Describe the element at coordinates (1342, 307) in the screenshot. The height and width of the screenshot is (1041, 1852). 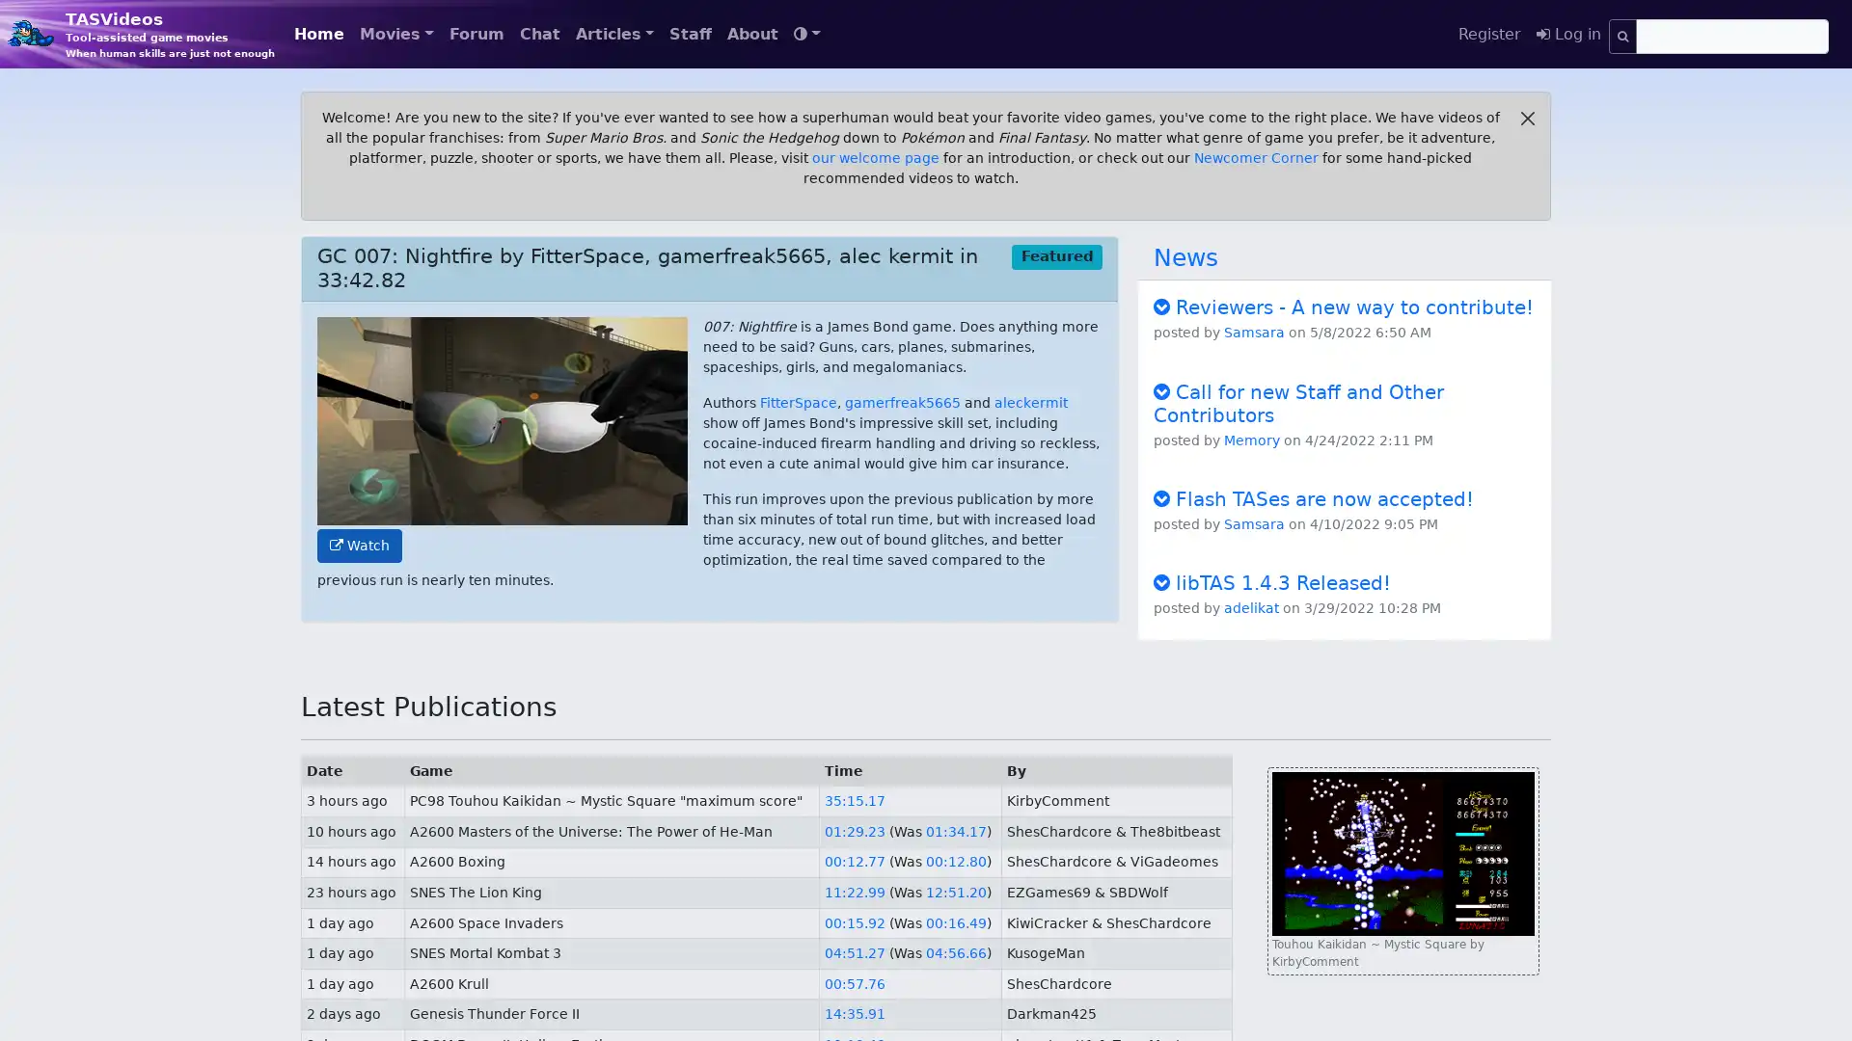
I see `Reviewers - A new way to contribute!` at that location.